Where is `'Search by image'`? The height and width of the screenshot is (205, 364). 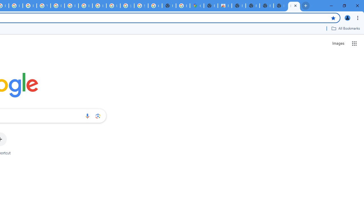
'Search by image' is located at coordinates (98, 116).